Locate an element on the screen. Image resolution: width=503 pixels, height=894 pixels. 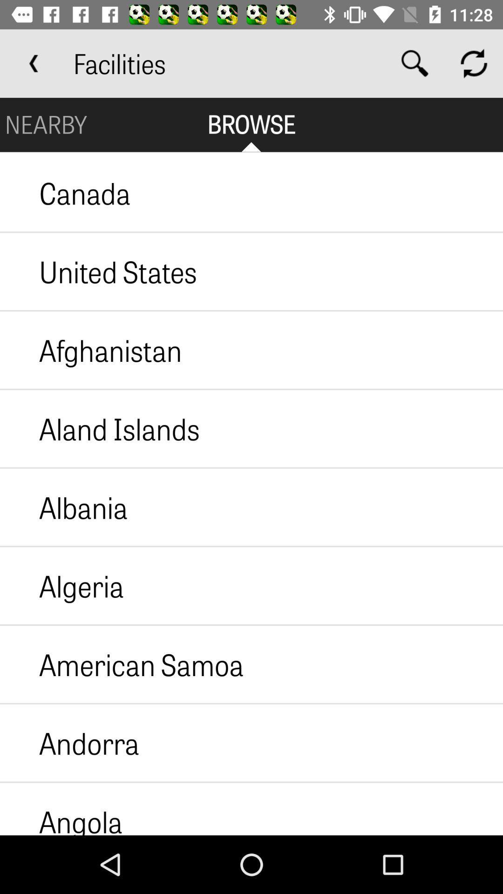
the afghanistan is located at coordinates (91, 349).